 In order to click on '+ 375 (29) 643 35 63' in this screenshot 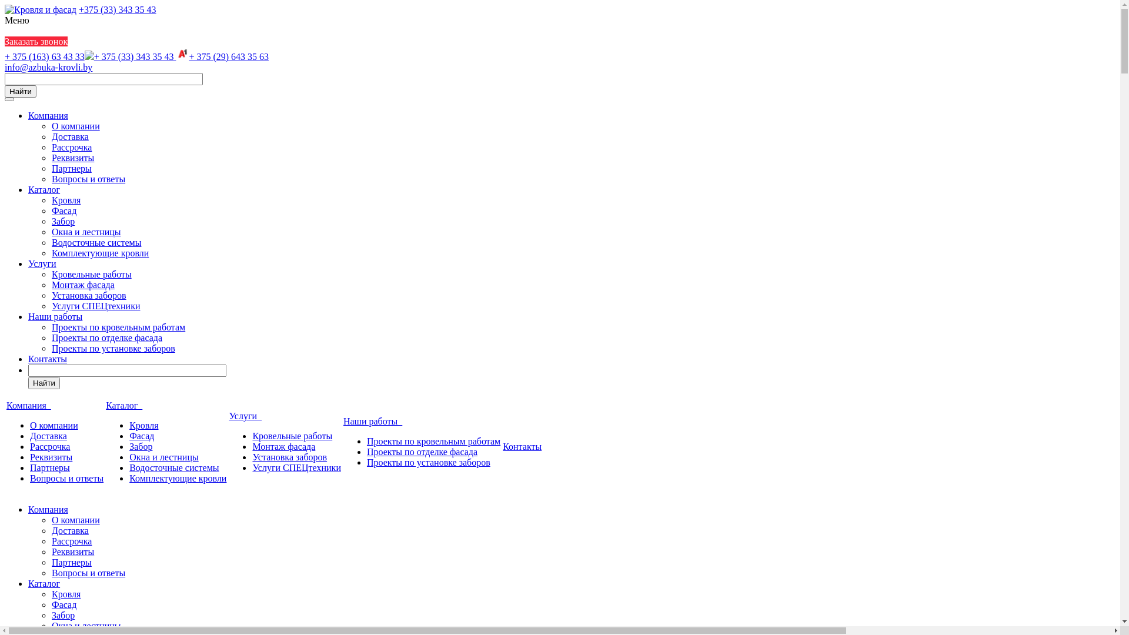, I will do `click(175, 56)`.